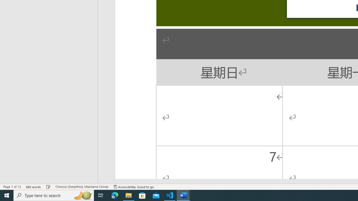  What do you see at coordinates (7, 195) in the screenshot?
I see `'Start'` at bounding box center [7, 195].